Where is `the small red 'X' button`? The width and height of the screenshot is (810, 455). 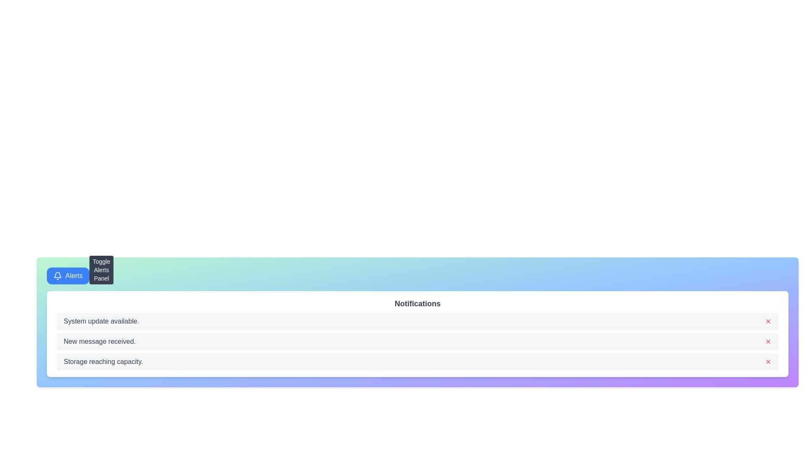 the small red 'X' button is located at coordinates (768, 341).